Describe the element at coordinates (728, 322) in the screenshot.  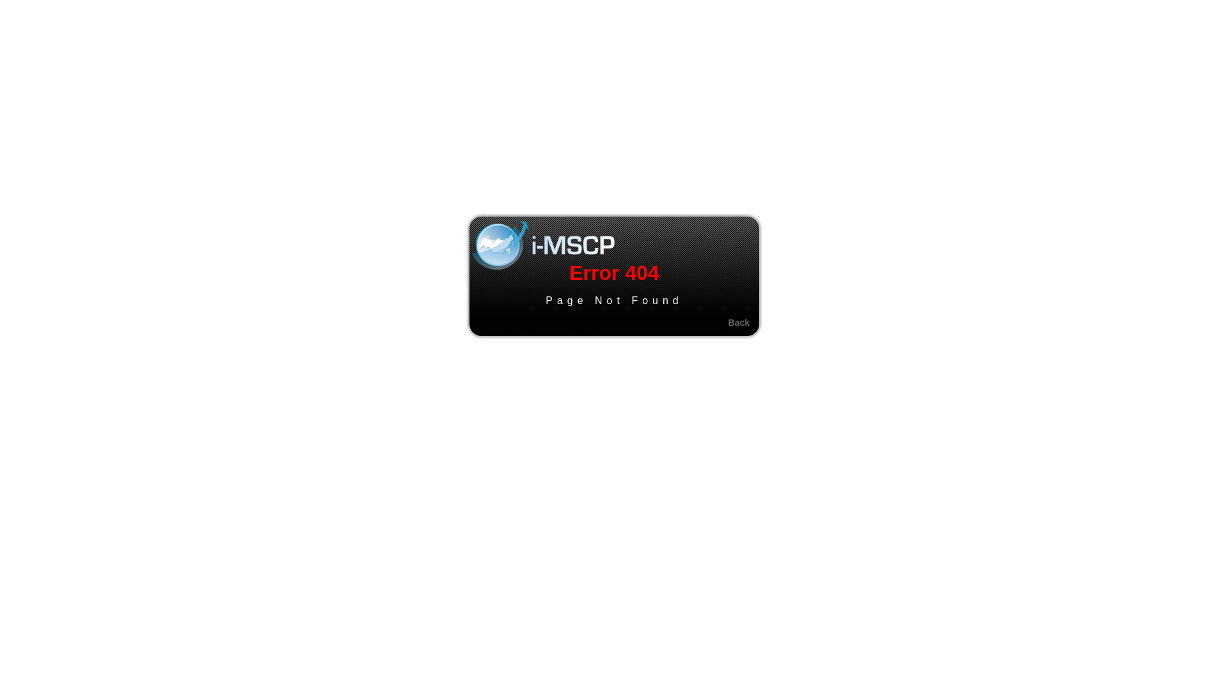
I see `'Back'` at that location.